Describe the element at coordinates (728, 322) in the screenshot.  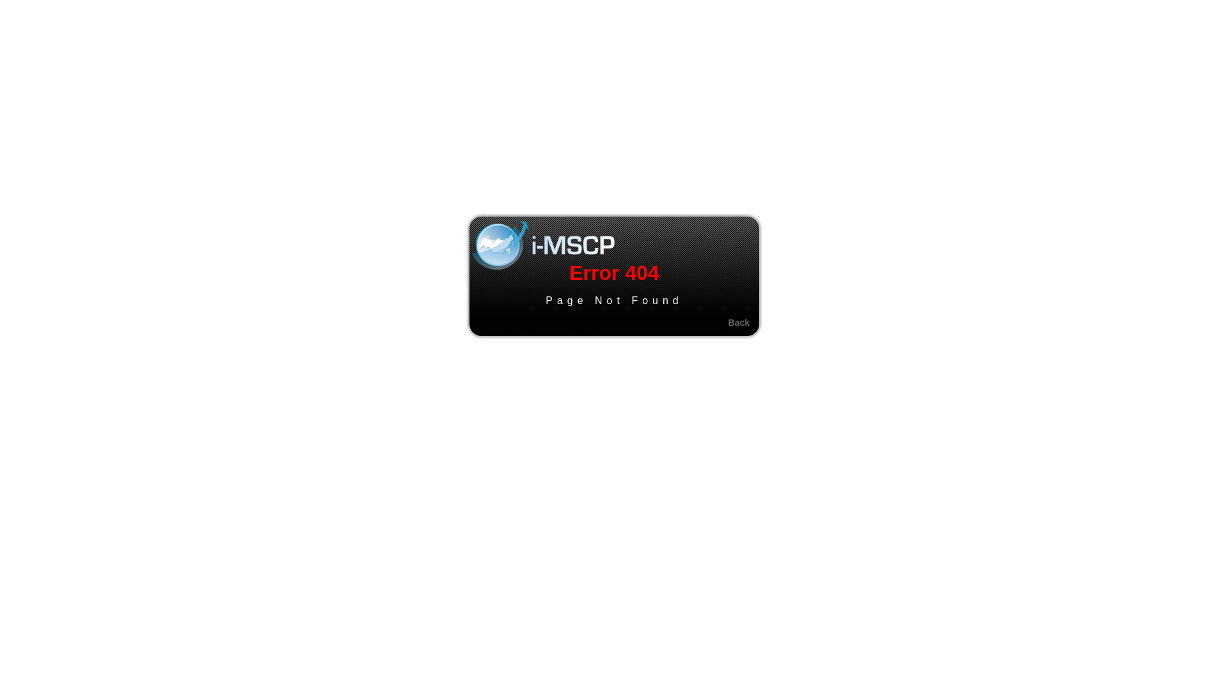
I see `'Back'` at that location.